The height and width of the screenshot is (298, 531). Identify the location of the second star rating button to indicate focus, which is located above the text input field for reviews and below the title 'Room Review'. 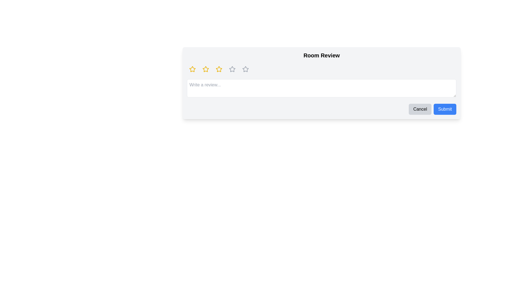
(205, 69).